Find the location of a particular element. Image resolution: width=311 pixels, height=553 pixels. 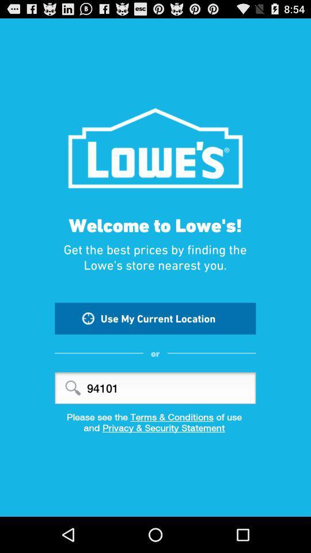

item above the and privacy security icon is located at coordinates (155, 416).